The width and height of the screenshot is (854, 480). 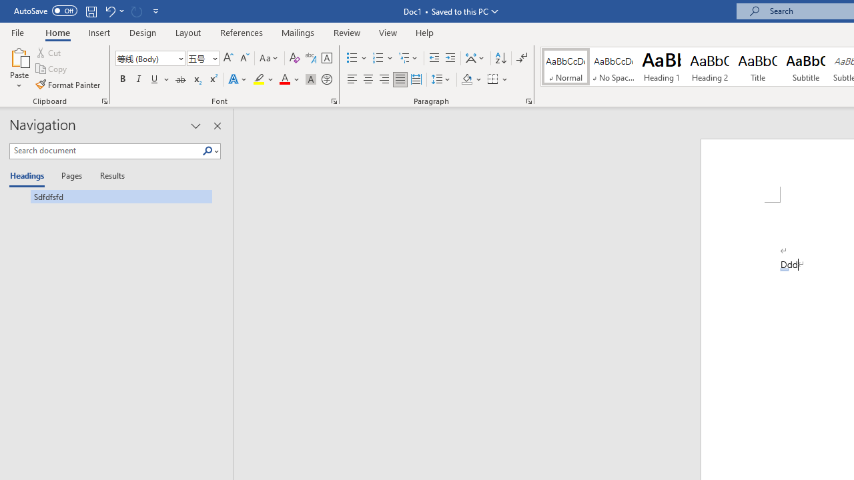 I want to click on 'Undo AutoCorrect', so click(x=109, y=11).